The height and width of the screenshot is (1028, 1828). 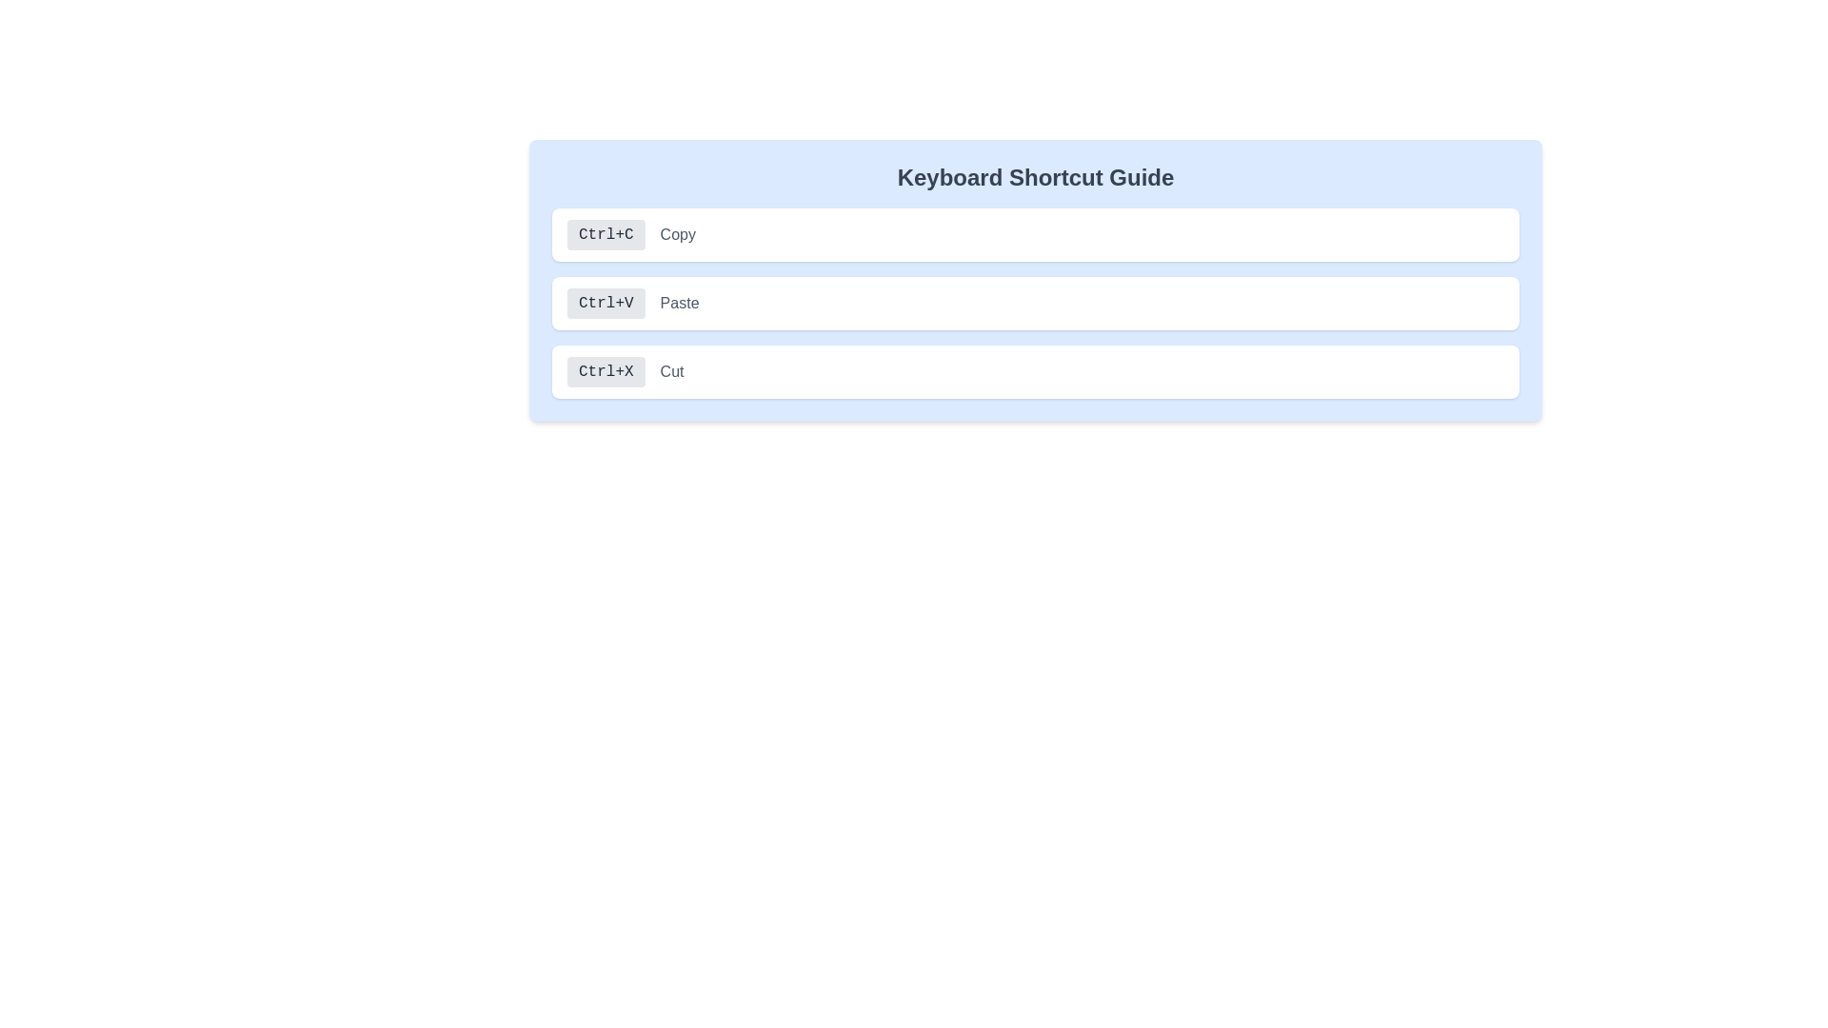 I want to click on the 'Cut' button with 'Ctrl+X' shortcut in the 'Keyboard Shortcut Guide' section, so click(x=1035, y=371).